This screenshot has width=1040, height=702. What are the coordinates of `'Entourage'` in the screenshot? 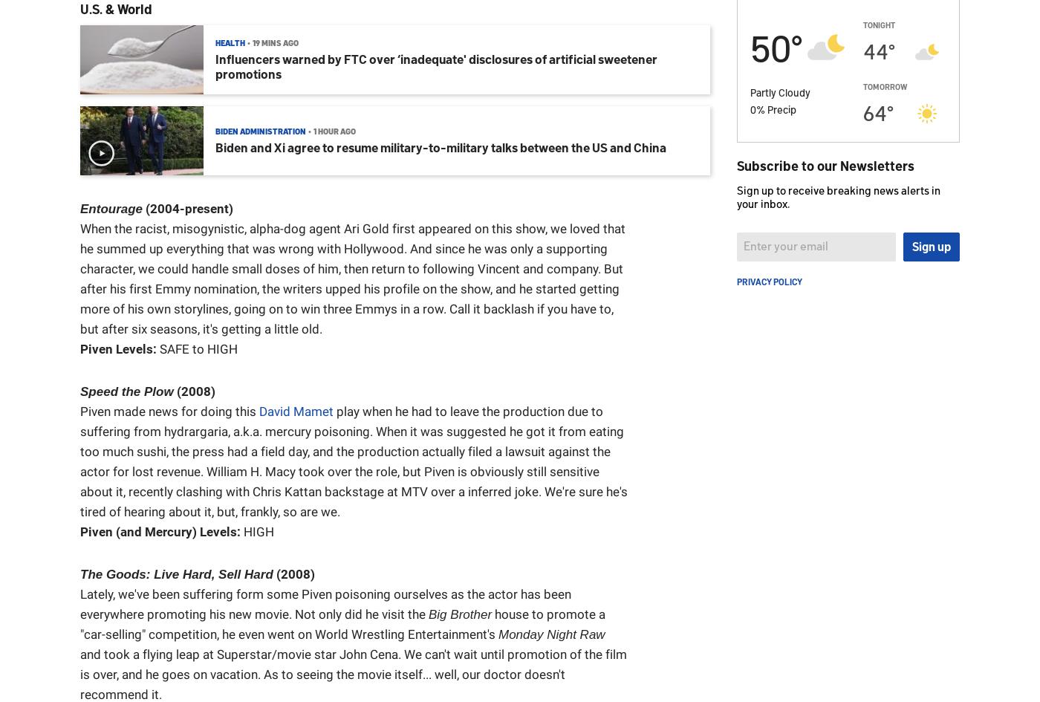 It's located at (111, 209).